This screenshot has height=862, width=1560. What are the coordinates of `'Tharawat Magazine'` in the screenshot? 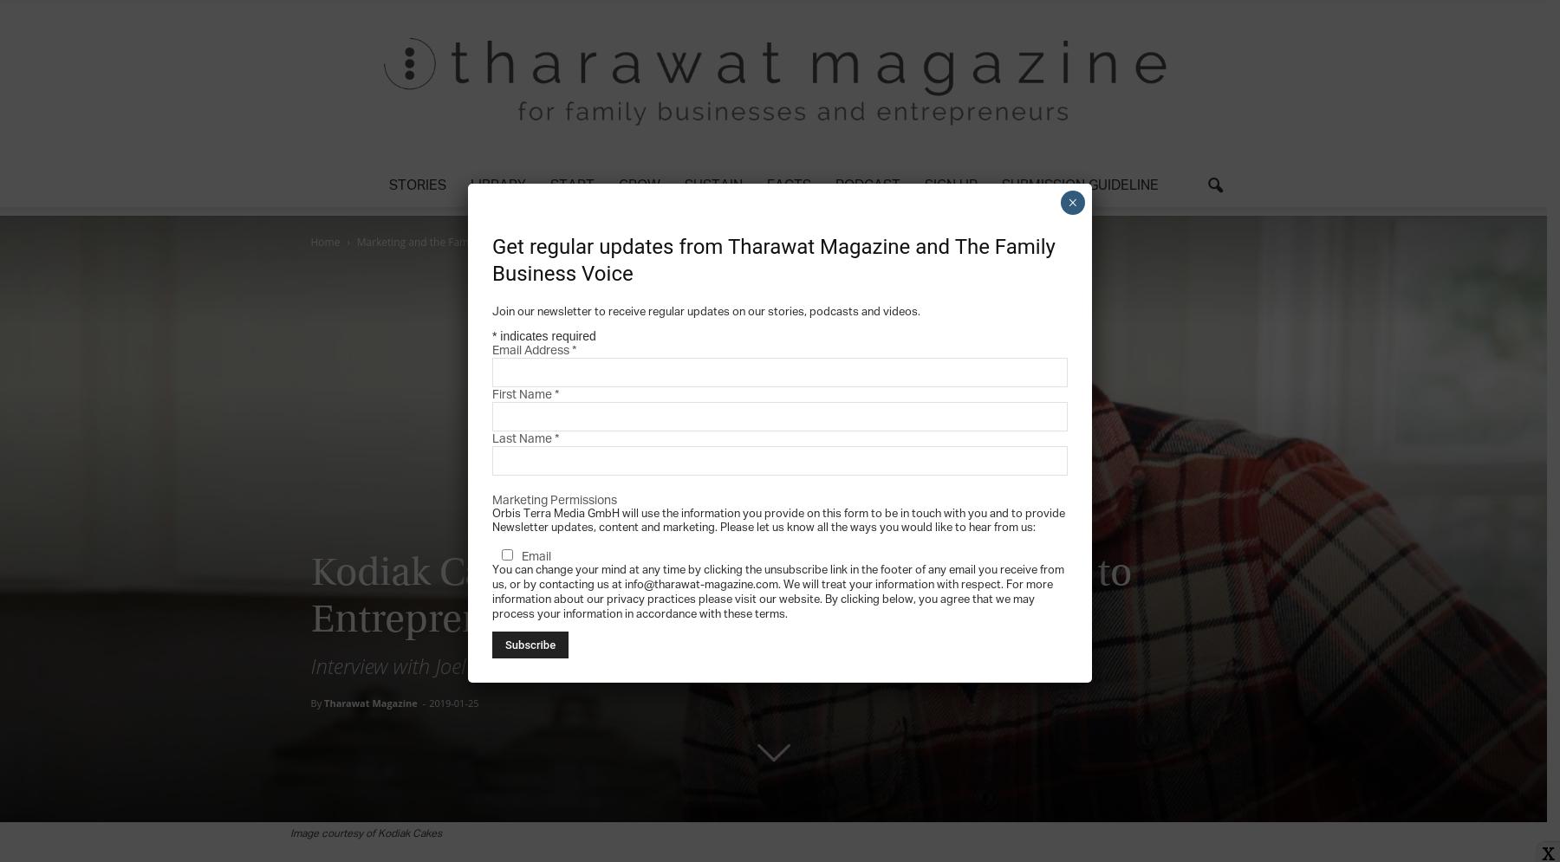 It's located at (370, 702).